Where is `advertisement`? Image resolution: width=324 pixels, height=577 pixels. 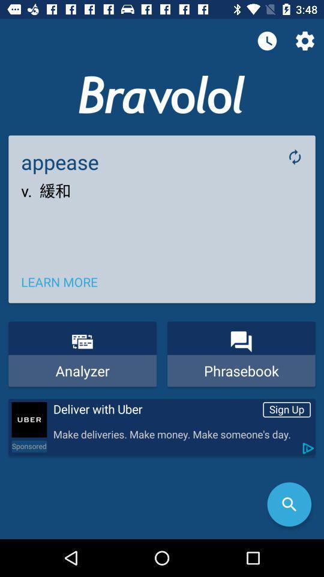 advertisement is located at coordinates (29, 420).